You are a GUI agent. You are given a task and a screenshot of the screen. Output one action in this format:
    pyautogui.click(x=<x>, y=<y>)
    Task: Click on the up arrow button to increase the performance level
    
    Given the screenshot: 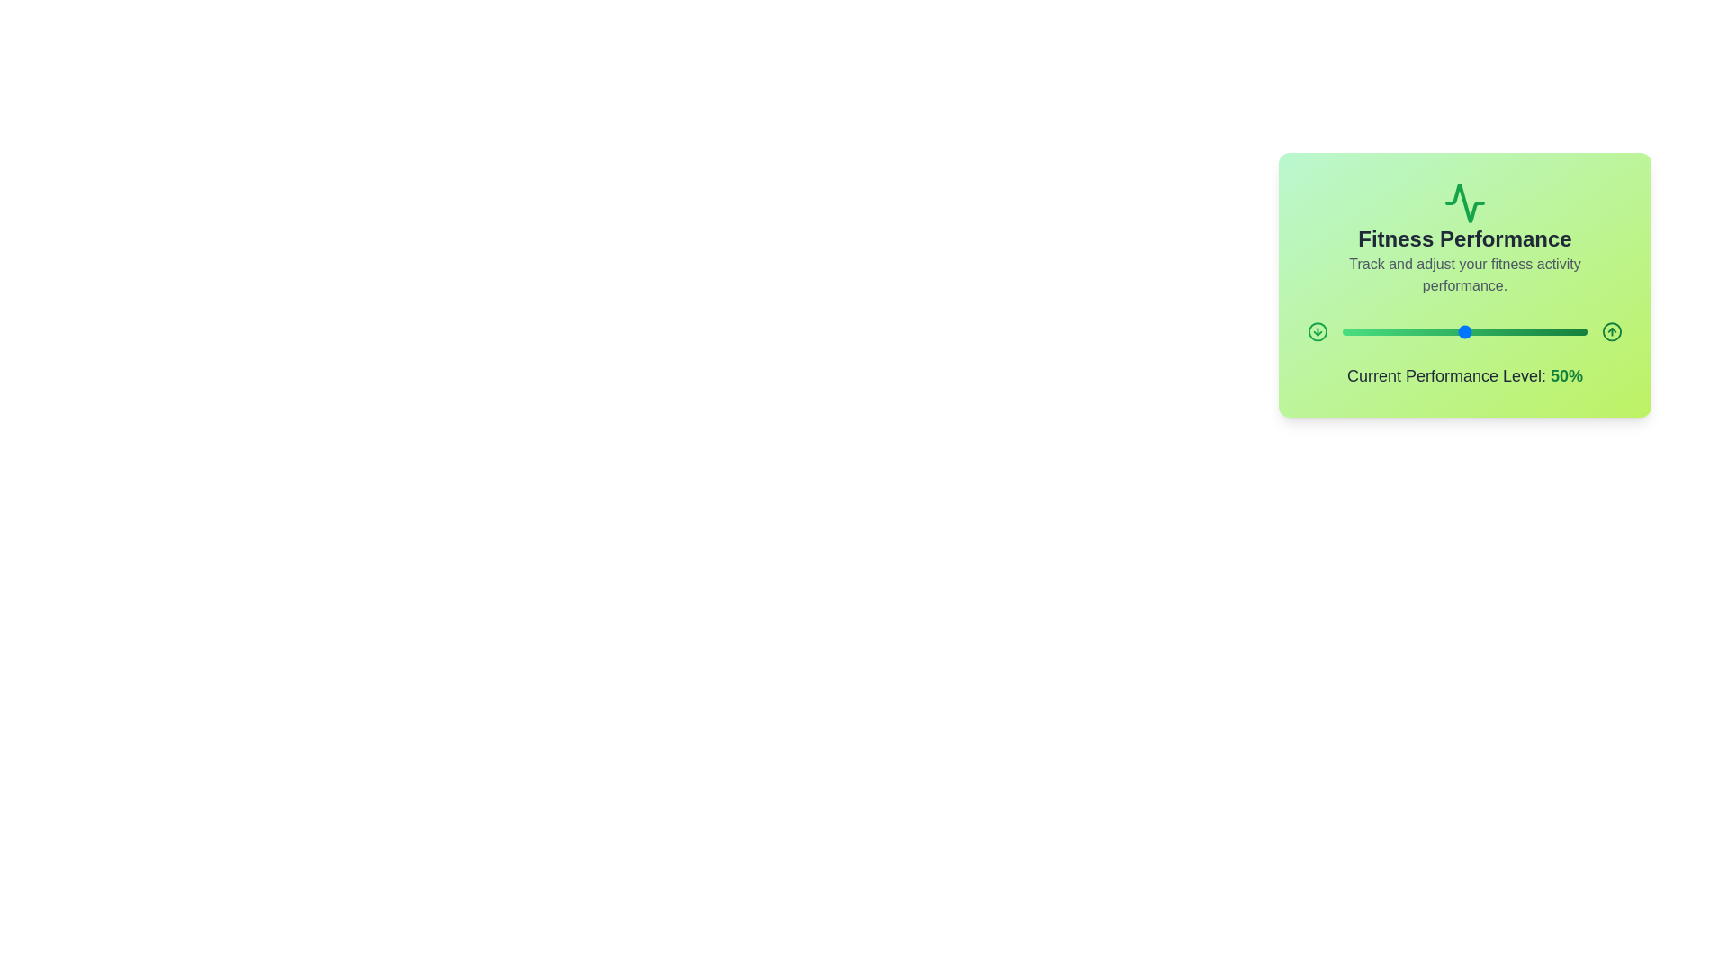 What is the action you would take?
    pyautogui.click(x=1611, y=332)
    